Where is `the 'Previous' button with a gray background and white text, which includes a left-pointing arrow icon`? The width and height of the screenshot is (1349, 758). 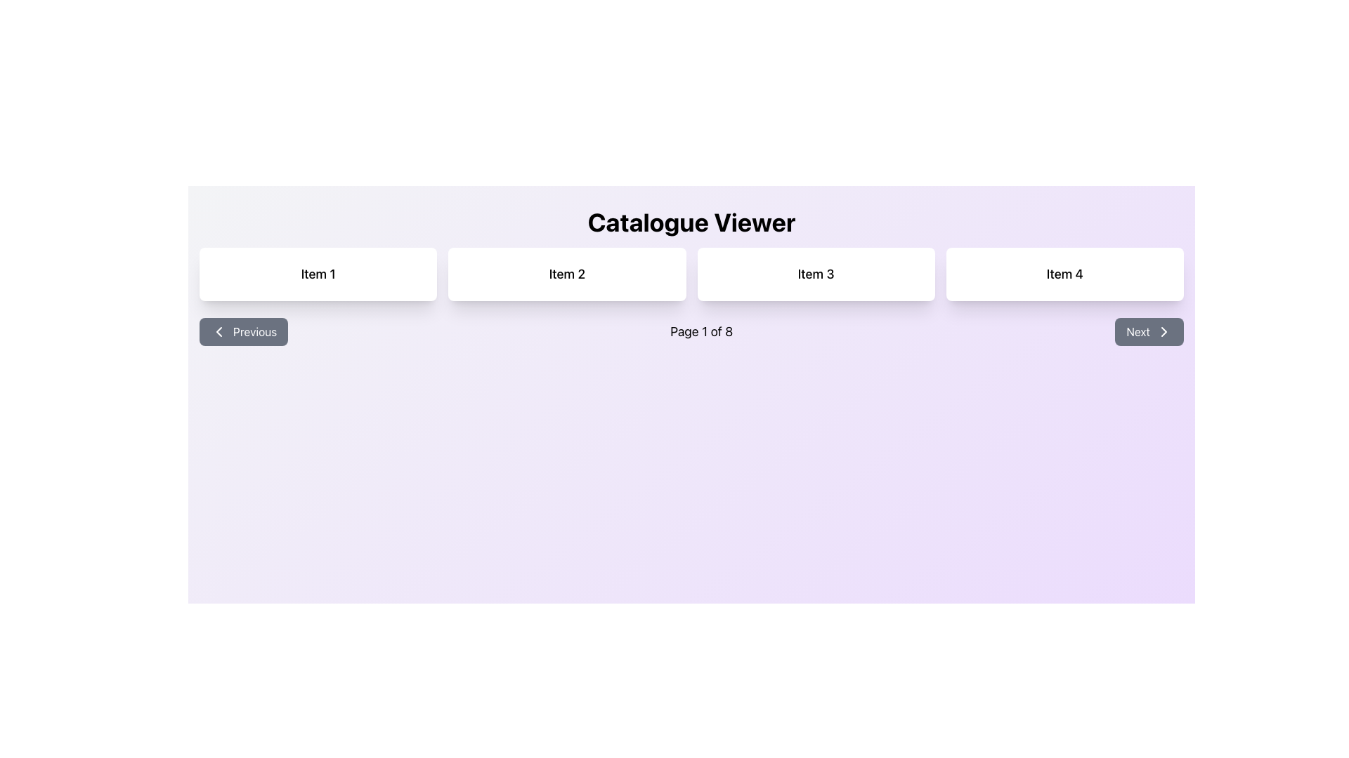
the 'Previous' button with a gray background and white text, which includes a left-pointing arrow icon is located at coordinates (244, 332).